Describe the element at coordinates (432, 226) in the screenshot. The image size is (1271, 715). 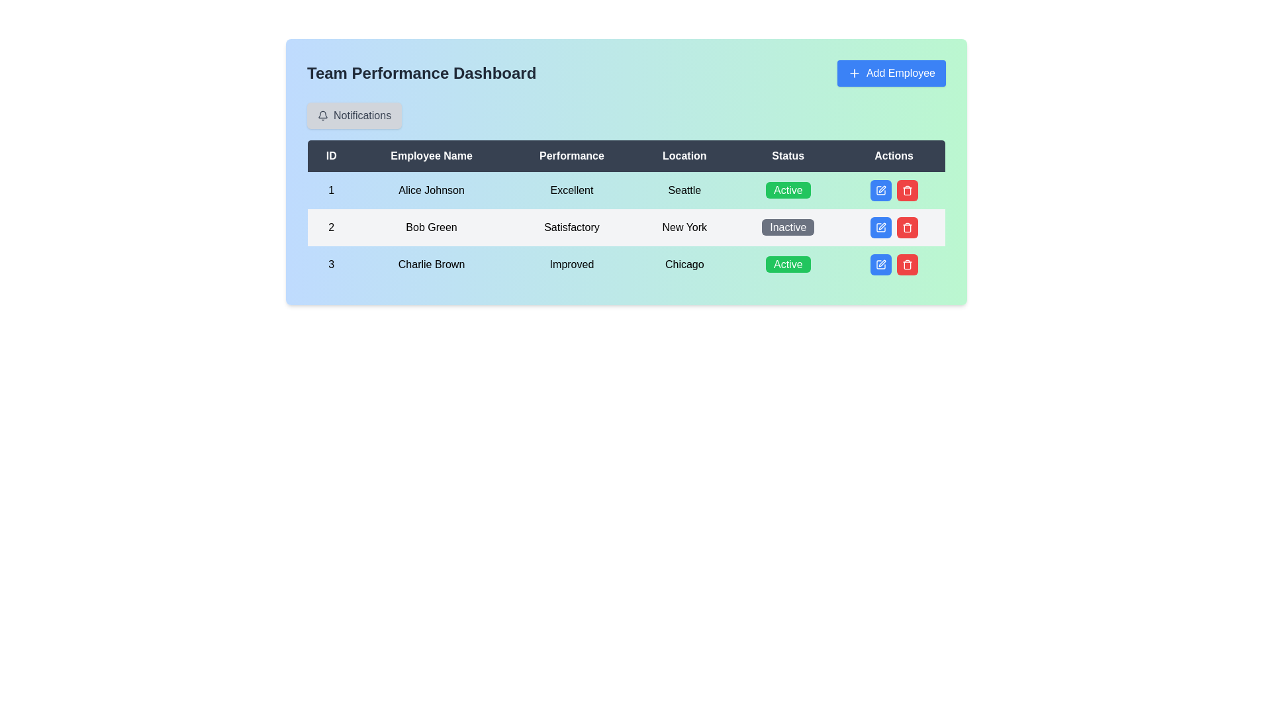
I see `the text label 'Bob Green' in the second row of the table under the 'Employee Name' column` at that location.